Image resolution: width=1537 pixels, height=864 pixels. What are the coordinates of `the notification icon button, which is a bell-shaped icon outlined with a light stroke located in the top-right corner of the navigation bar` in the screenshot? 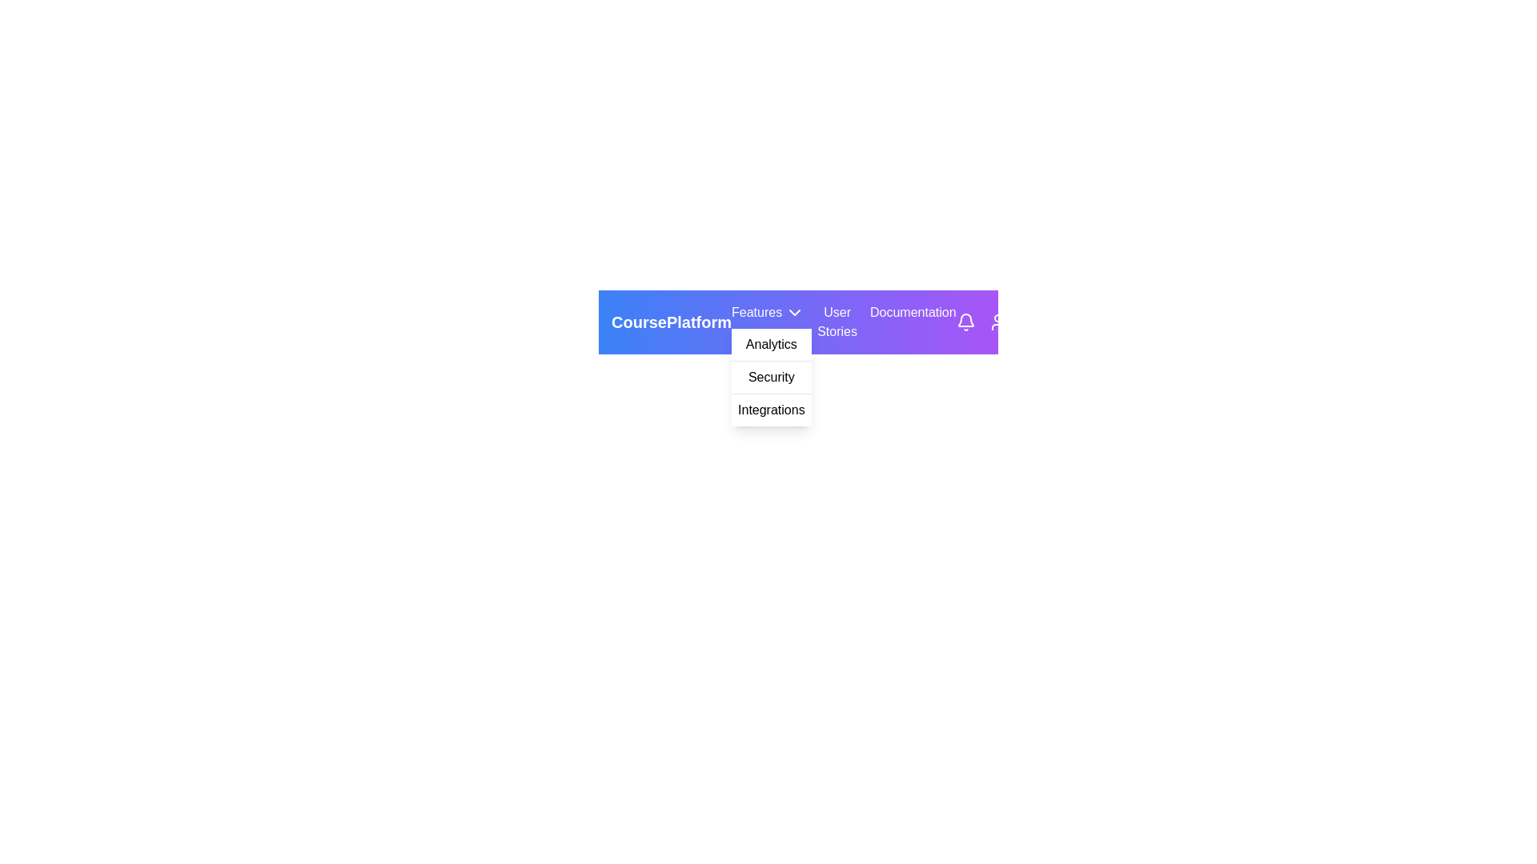 It's located at (965, 322).